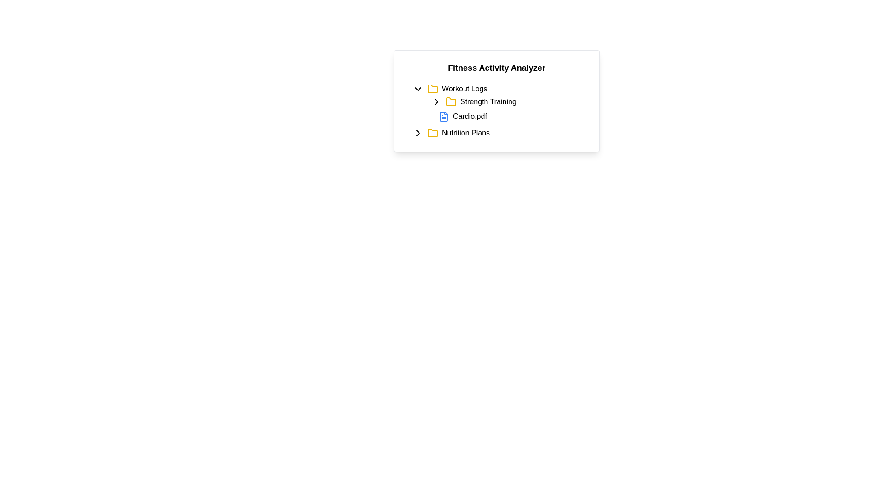 This screenshot has height=496, width=883. What do you see at coordinates (432, 89) in the screenshot?
I see `the visual state of the folder icon representing 'Workout Logs' to check its status indication` at bounding box center [432, 89].